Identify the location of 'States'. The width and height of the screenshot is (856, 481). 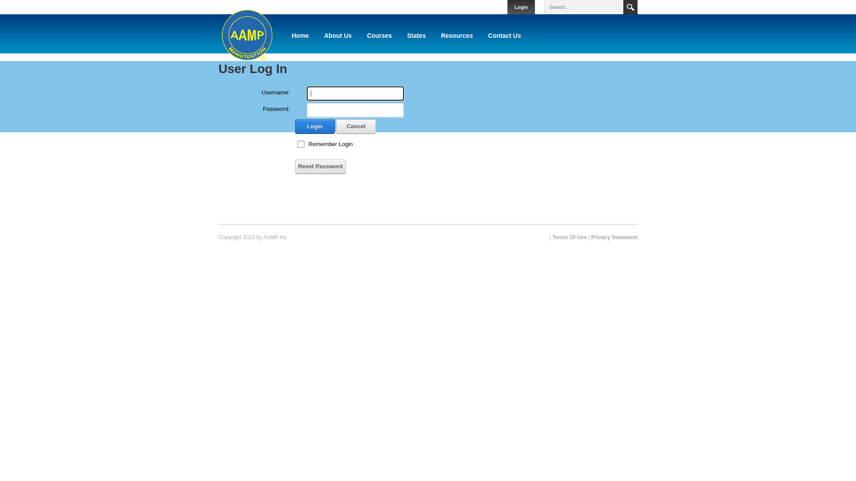
(416, 35).